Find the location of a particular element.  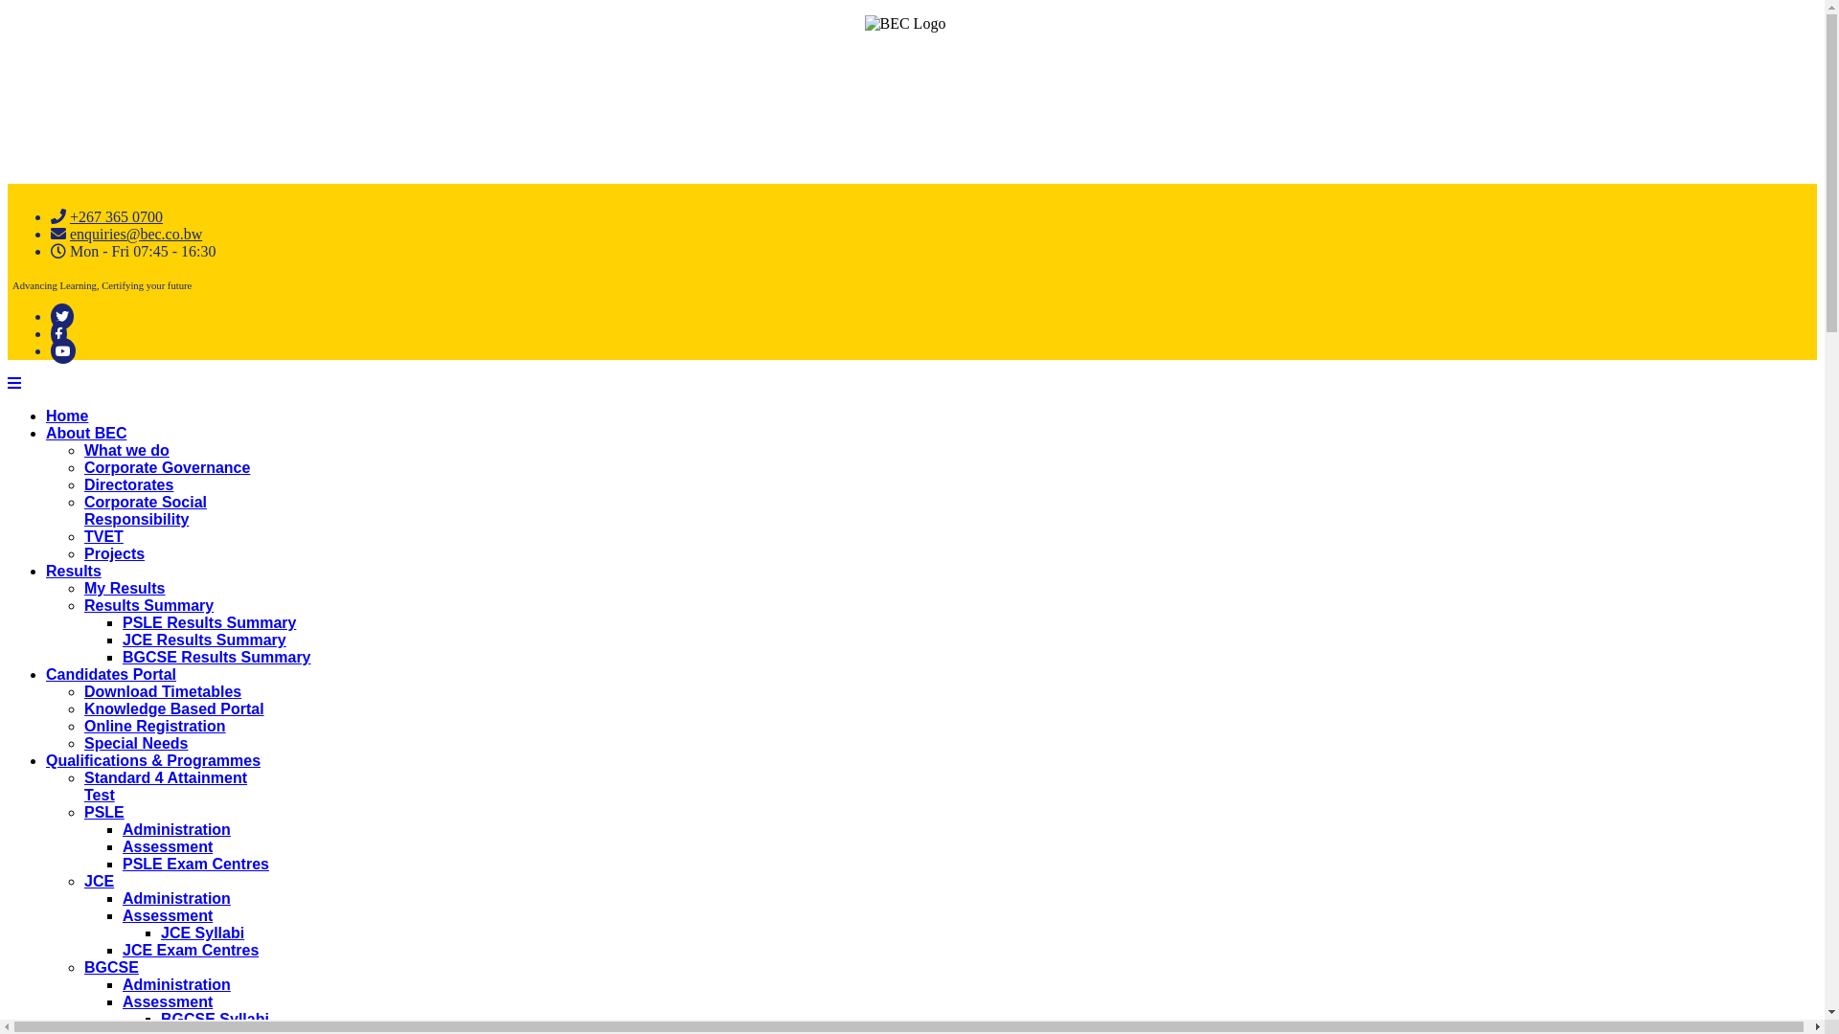

'What we do' is located at coordinates (125, 450).